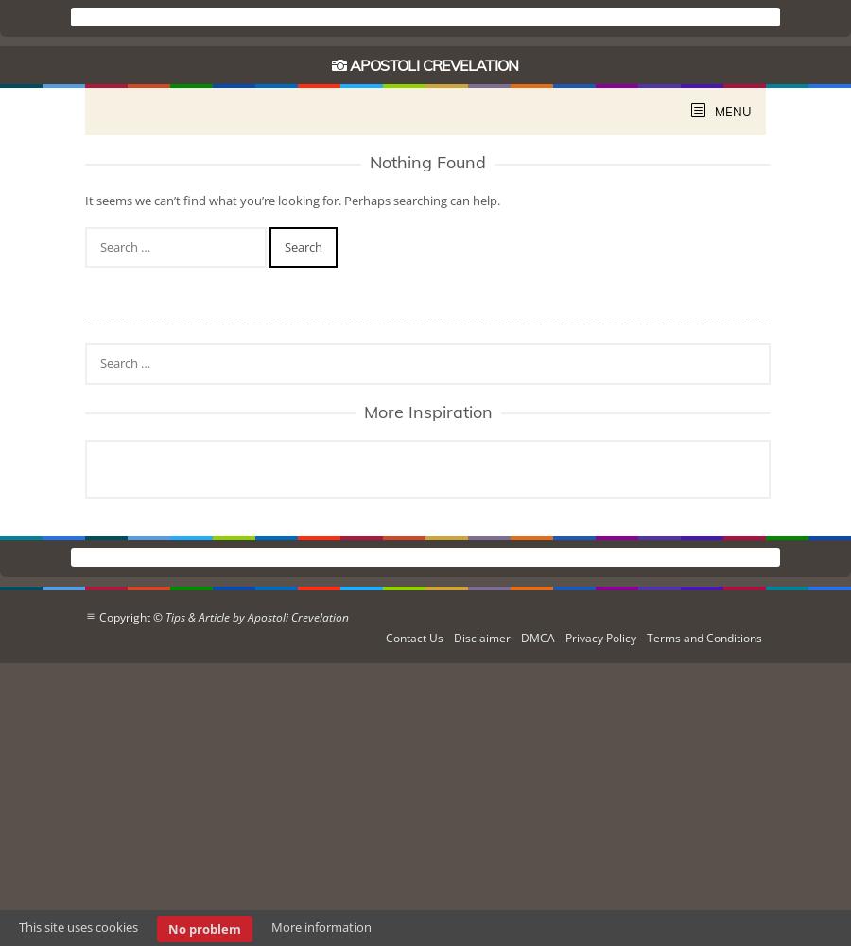 This screenshot has width=851, height=946. I want to click on 'No problem', so click(204, 928).